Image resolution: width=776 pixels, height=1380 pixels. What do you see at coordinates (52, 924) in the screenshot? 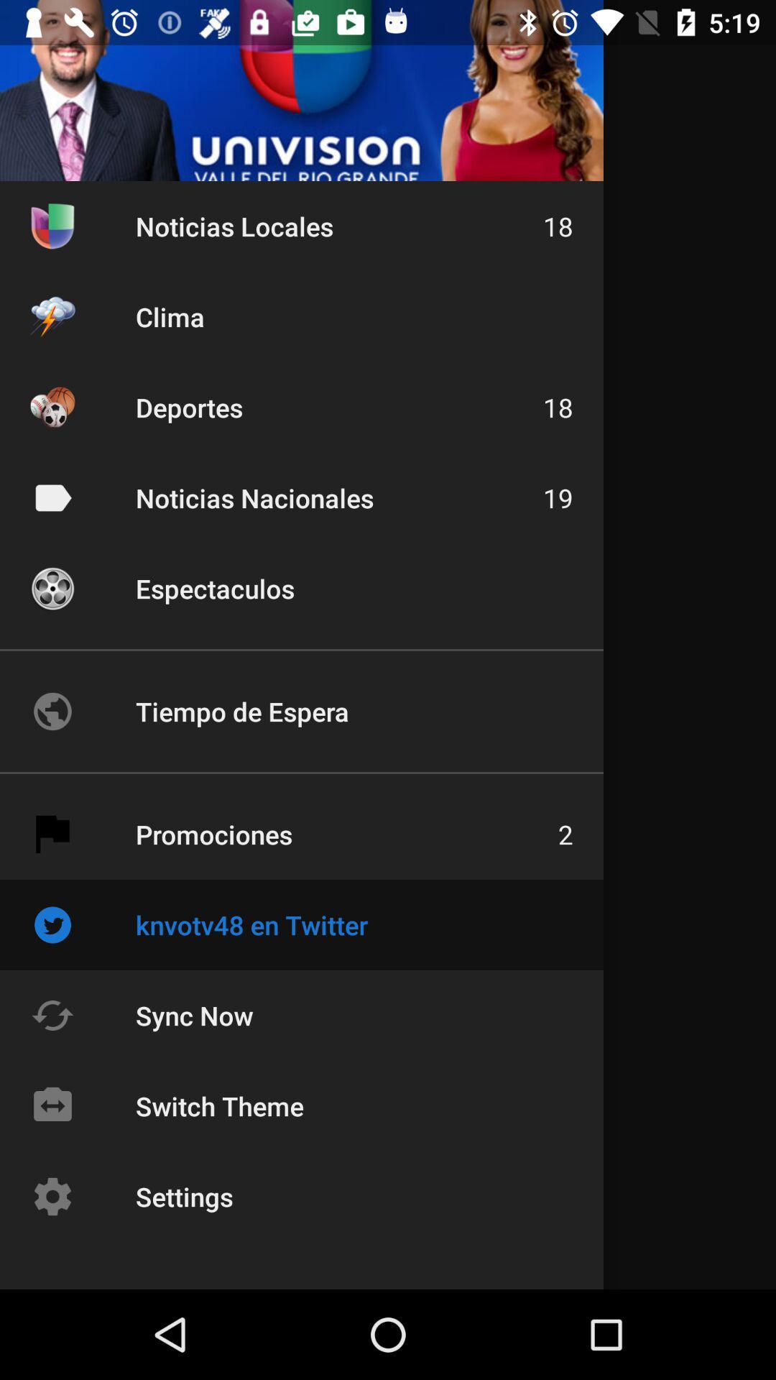
I see `the symbol left to knvotv48 en twitter` at bounding box center [52, 924].